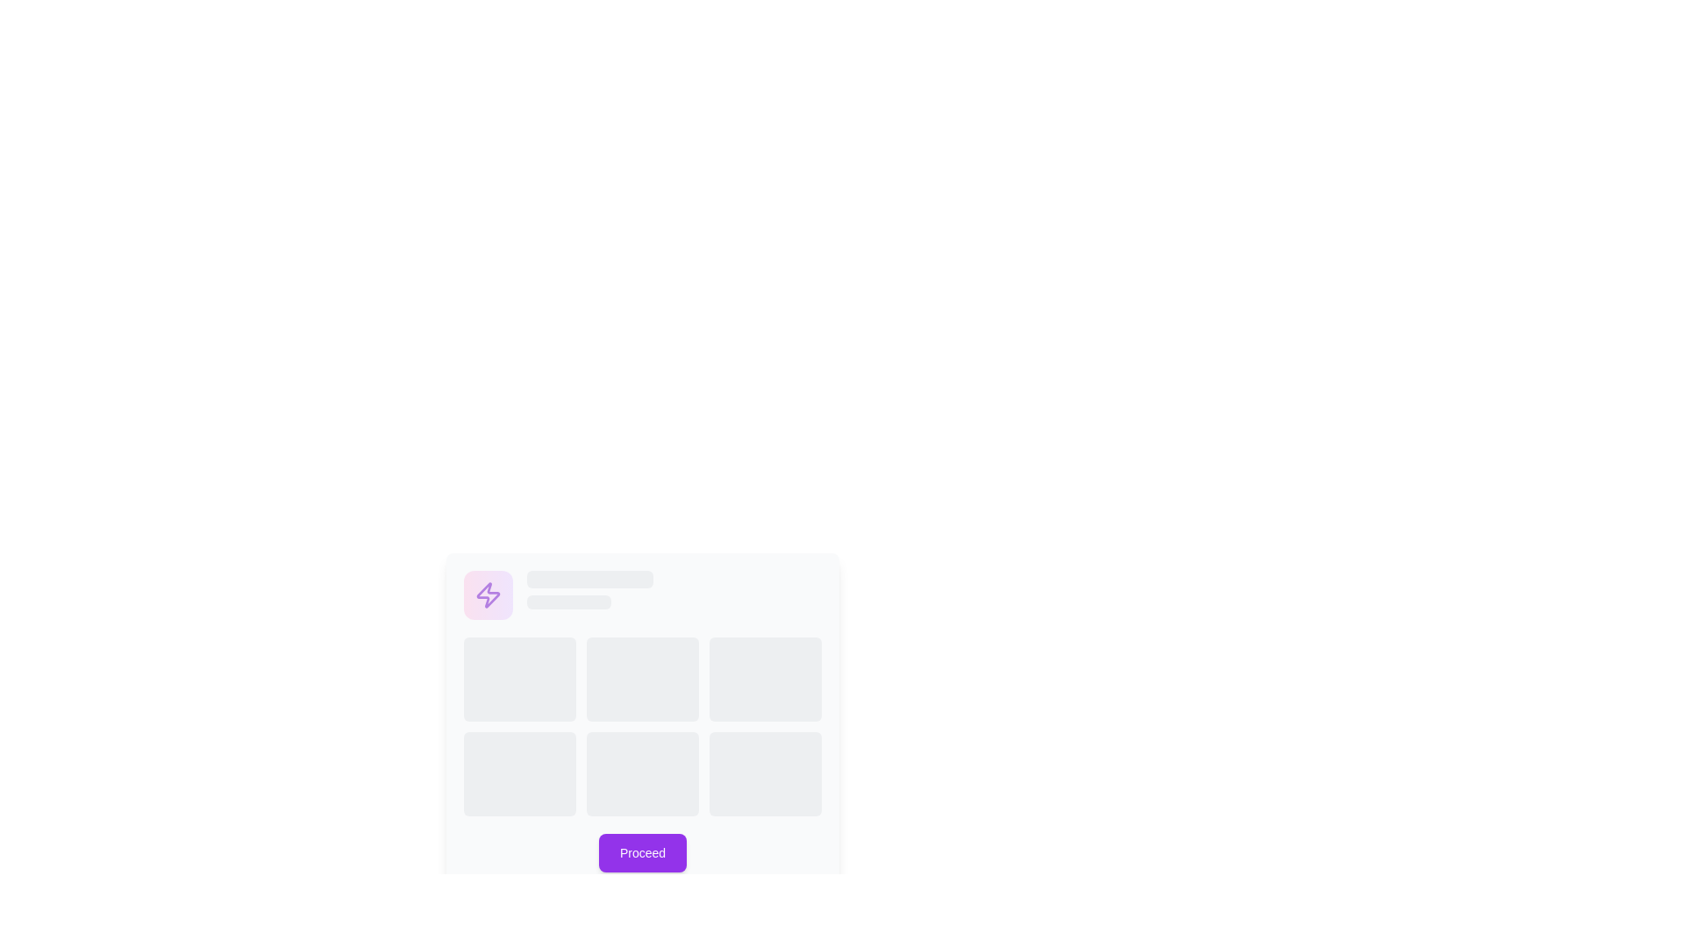  I want to click on the Placeholder card, which is a rectangular card-like component with a light gray background and rounded corners, located in the second column of the first row of placeholders, so click(731, 702).